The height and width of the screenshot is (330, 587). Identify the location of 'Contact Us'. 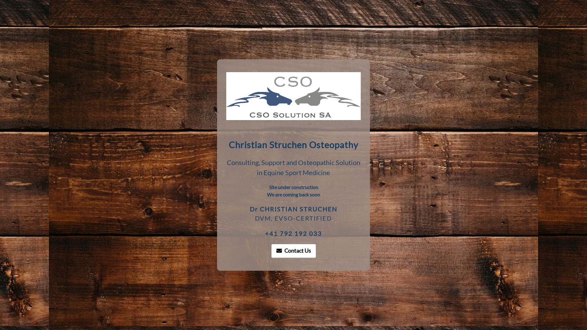
(293, 251).